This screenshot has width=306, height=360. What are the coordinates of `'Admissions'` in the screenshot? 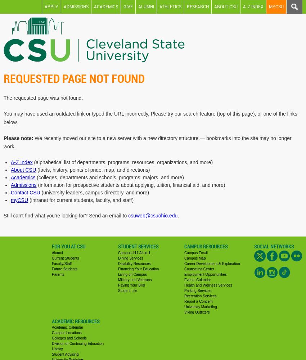 It's located at (23, 185).